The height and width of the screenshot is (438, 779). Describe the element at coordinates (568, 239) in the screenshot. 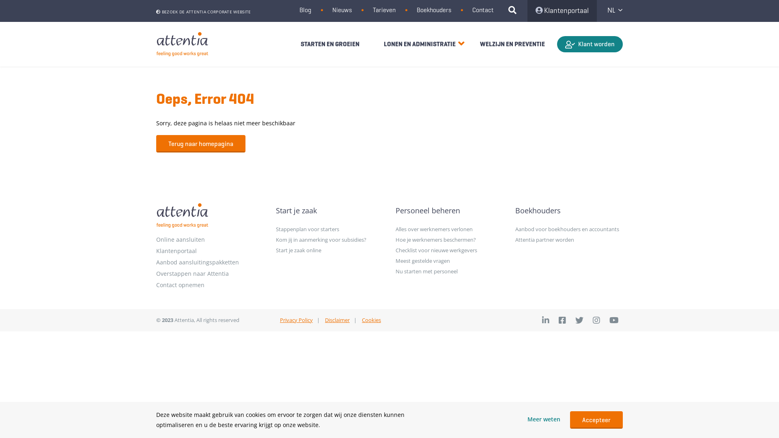

I see `'Attentia partner worden'` at that location.